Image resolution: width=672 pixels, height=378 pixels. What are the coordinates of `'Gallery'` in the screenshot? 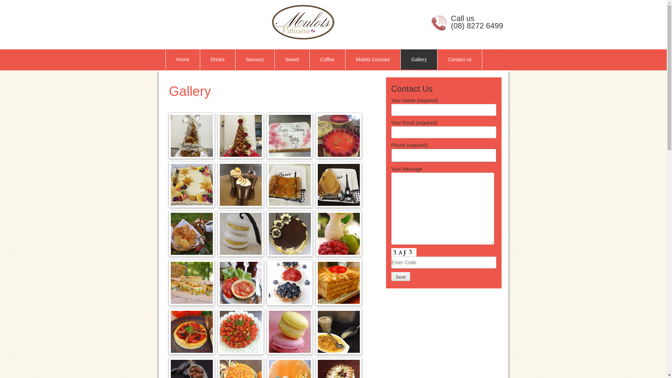 It's located at (419, 59).